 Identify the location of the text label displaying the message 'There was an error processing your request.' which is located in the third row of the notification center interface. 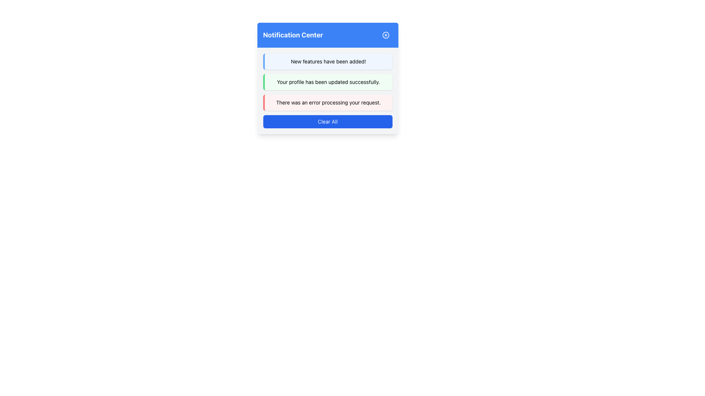
(328, 103).